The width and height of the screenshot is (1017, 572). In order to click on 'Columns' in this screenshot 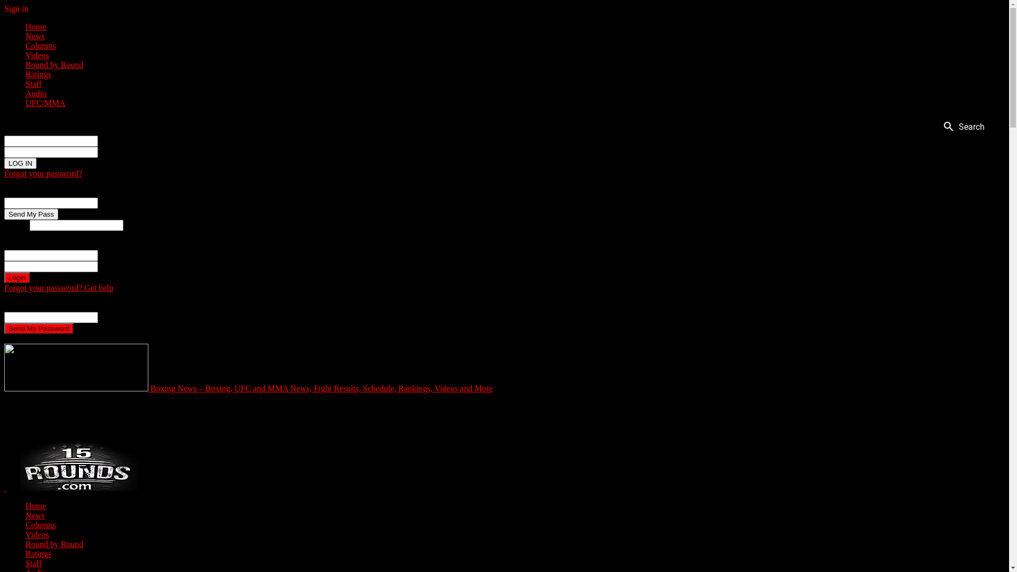, I will do `click(40, 525)`.